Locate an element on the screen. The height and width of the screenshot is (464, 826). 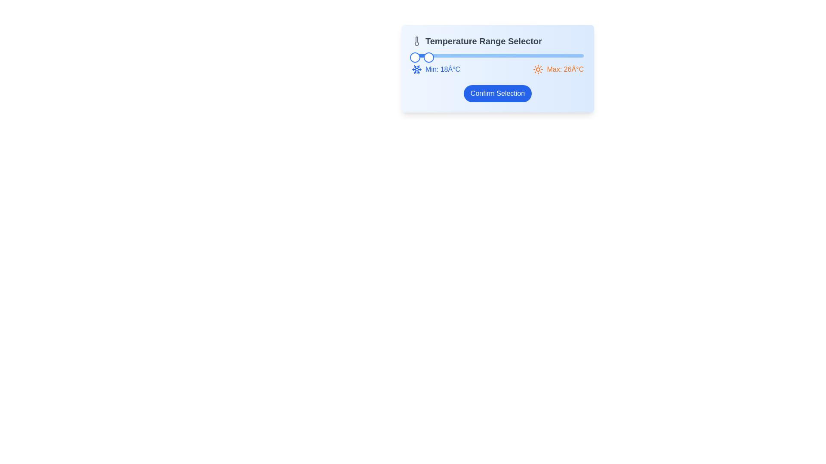
the icon indicating the minimum temperature, which is located to the left of the text 'Min: 18°C' within the temperature range selector interface is located at coordinates (417, 69).